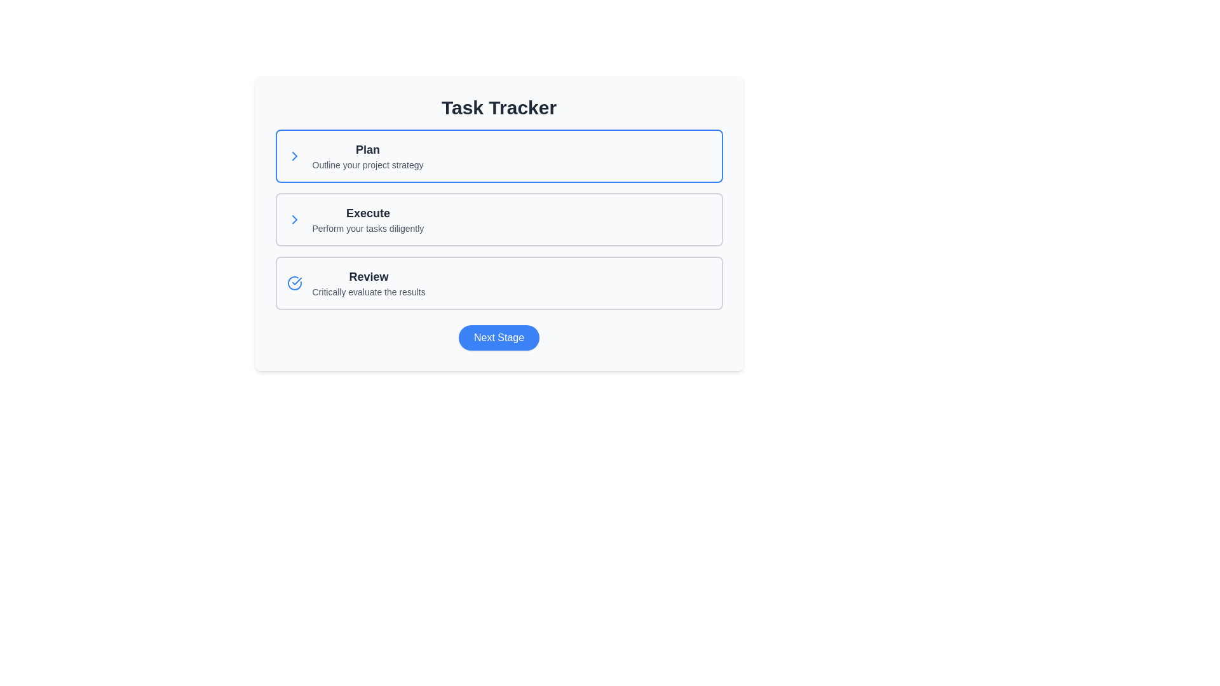  Describe the element at coordinates (368, 292) in the screenshot. I see `the static text element that reads 'Critically evaluate the results', which is located below the heading 'Review' in a small gray font` at that location.